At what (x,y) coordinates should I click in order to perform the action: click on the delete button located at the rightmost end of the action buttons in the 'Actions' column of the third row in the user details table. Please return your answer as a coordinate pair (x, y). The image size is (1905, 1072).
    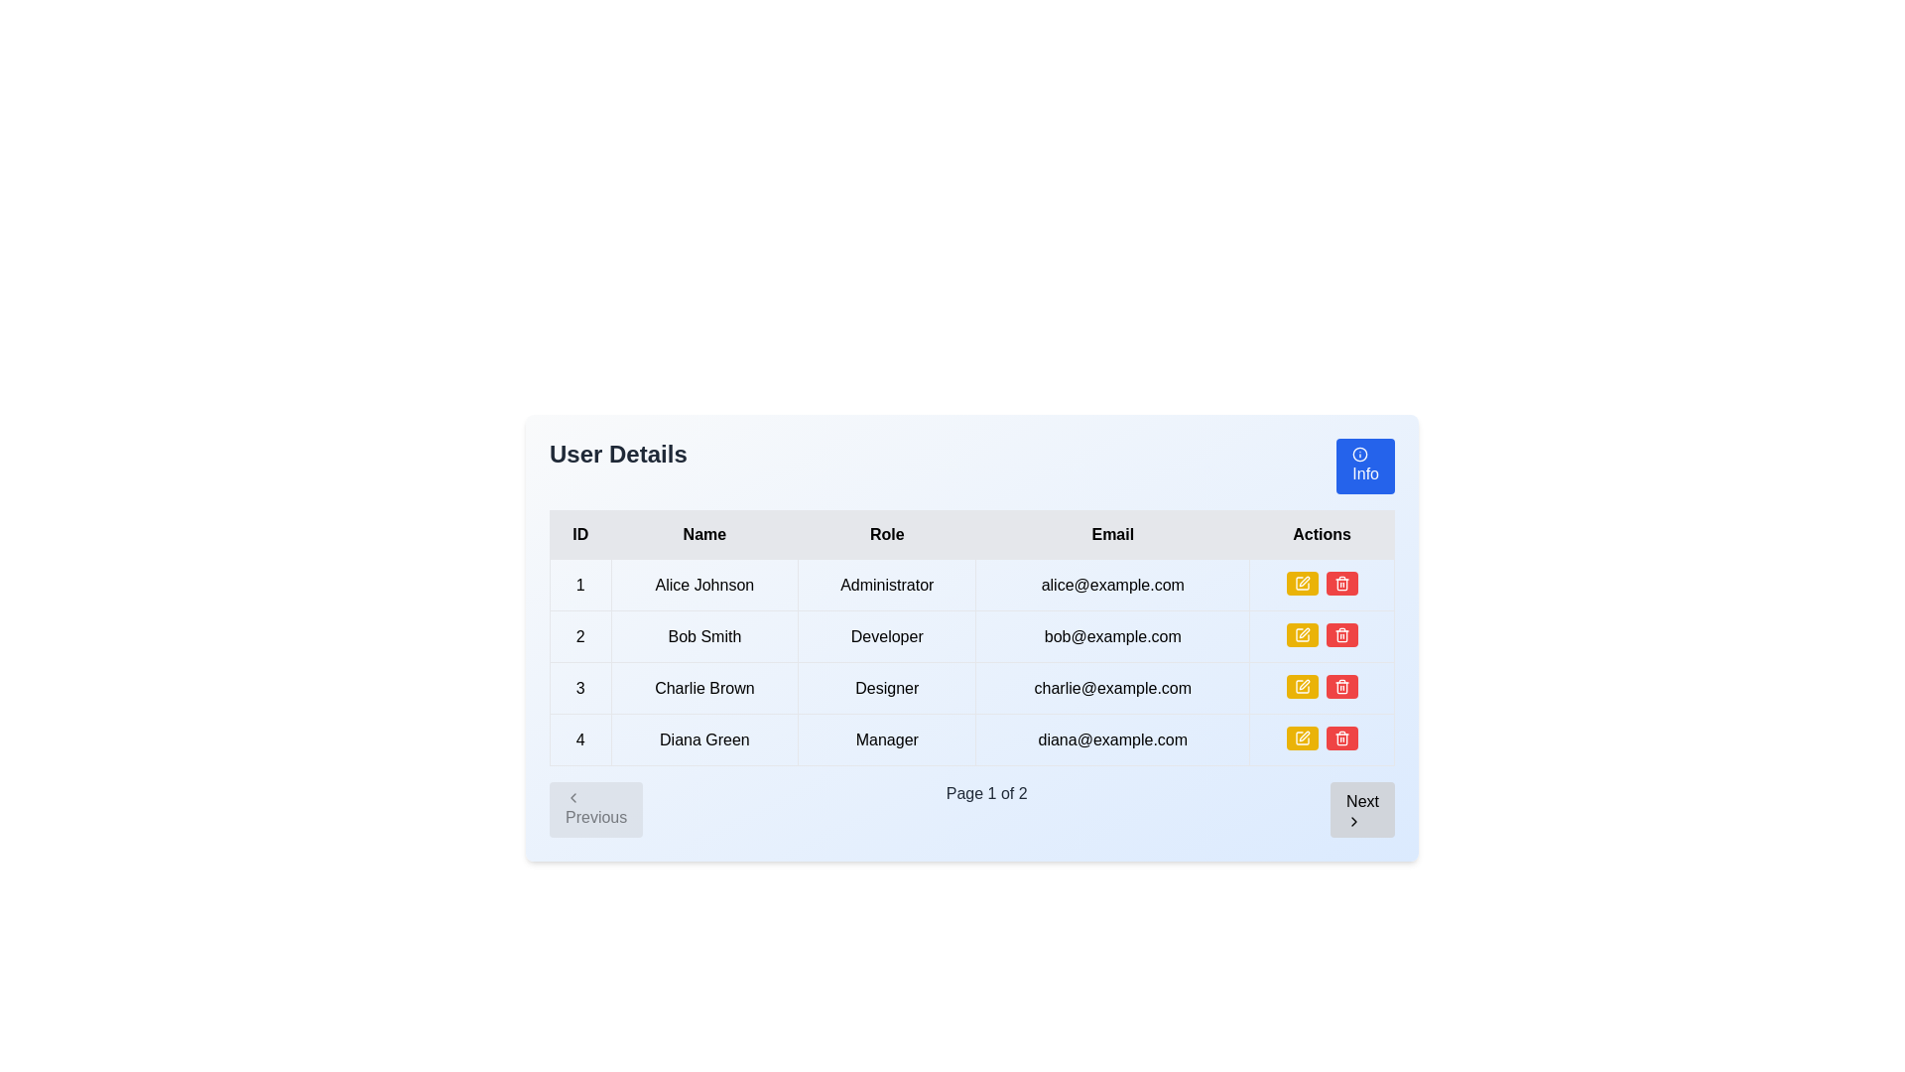
    Looking at the image, I should click on (1341, 635).